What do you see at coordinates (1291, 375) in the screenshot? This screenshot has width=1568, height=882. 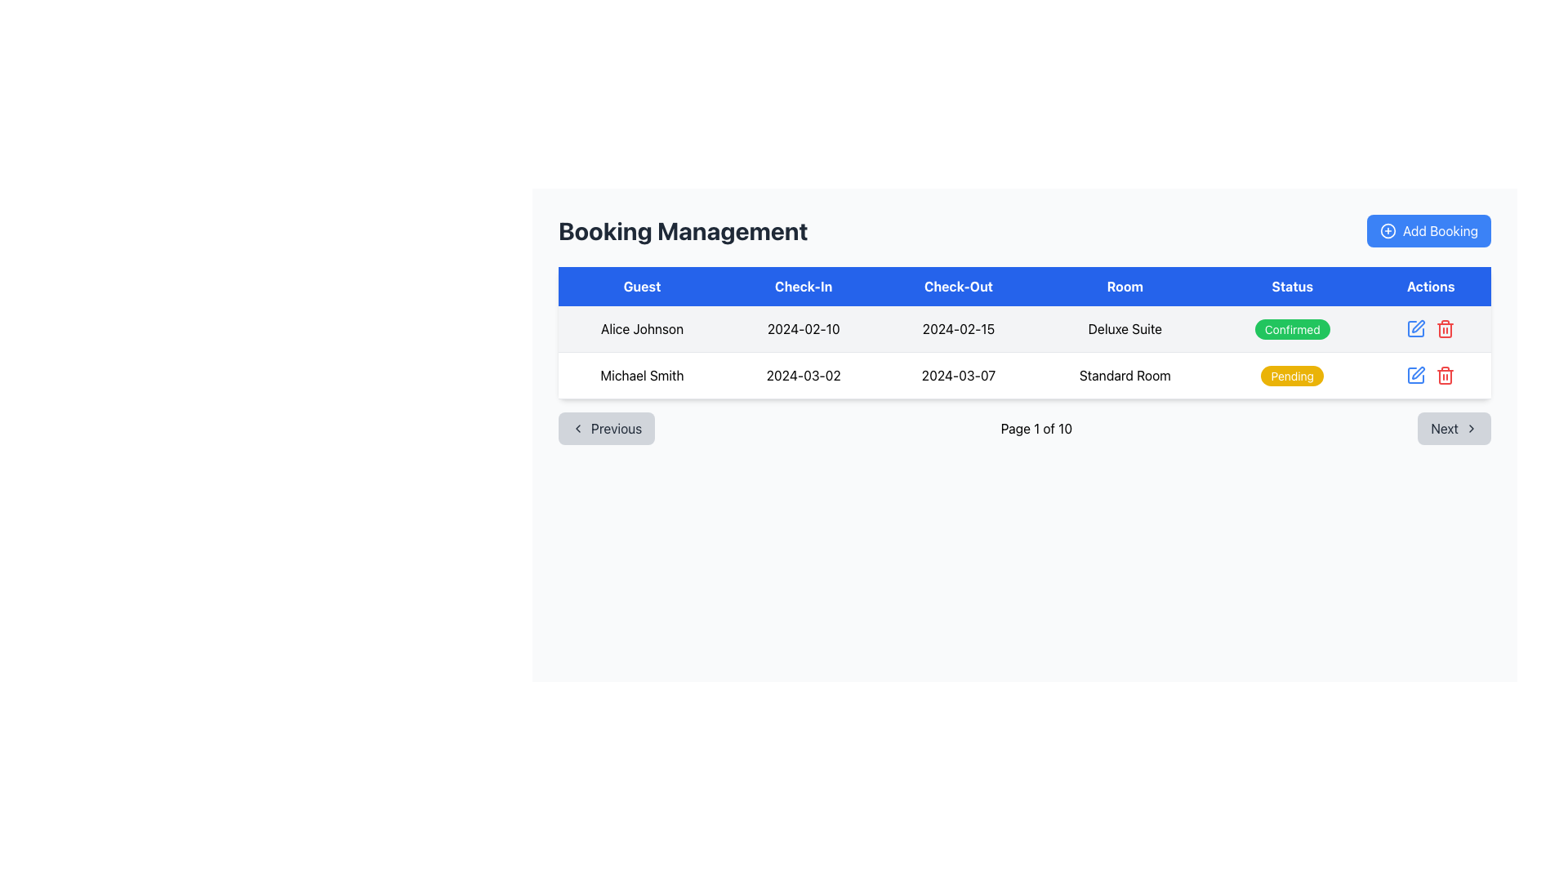 I see `the Status Label indicating 'Pending' in the last cell of the second row under the 'Status' column of the booking management interface` at bounding box center [1291, 375].